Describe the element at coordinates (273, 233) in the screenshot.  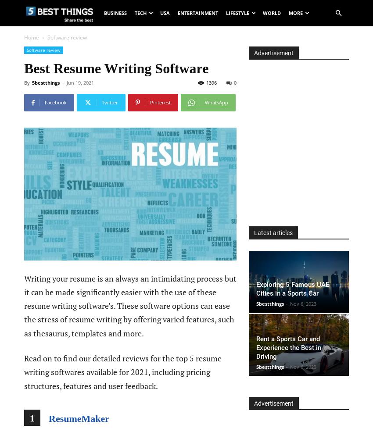
I see `'Latest articles'` at that location.